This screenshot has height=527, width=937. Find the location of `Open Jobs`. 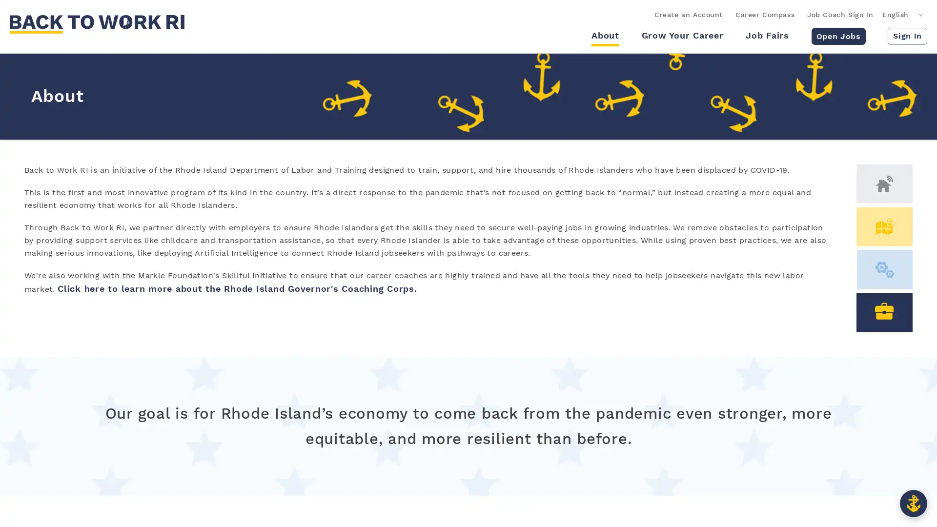

Open Jobs is located at coordinates (837, 35).